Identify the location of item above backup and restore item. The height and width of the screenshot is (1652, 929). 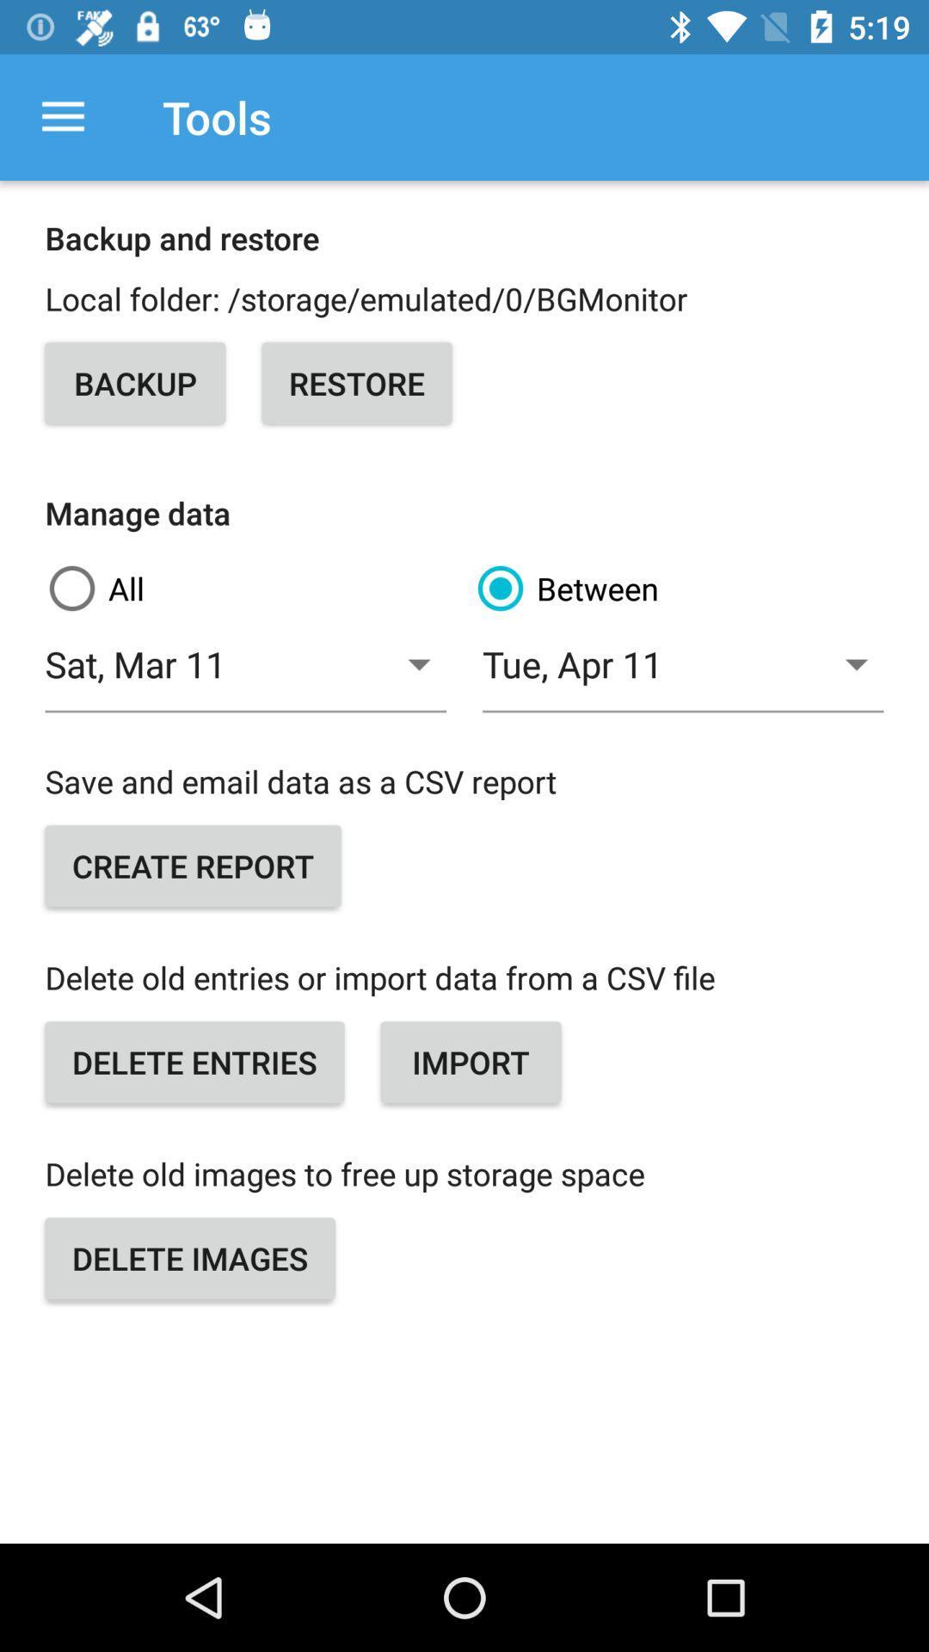
(62, 116).